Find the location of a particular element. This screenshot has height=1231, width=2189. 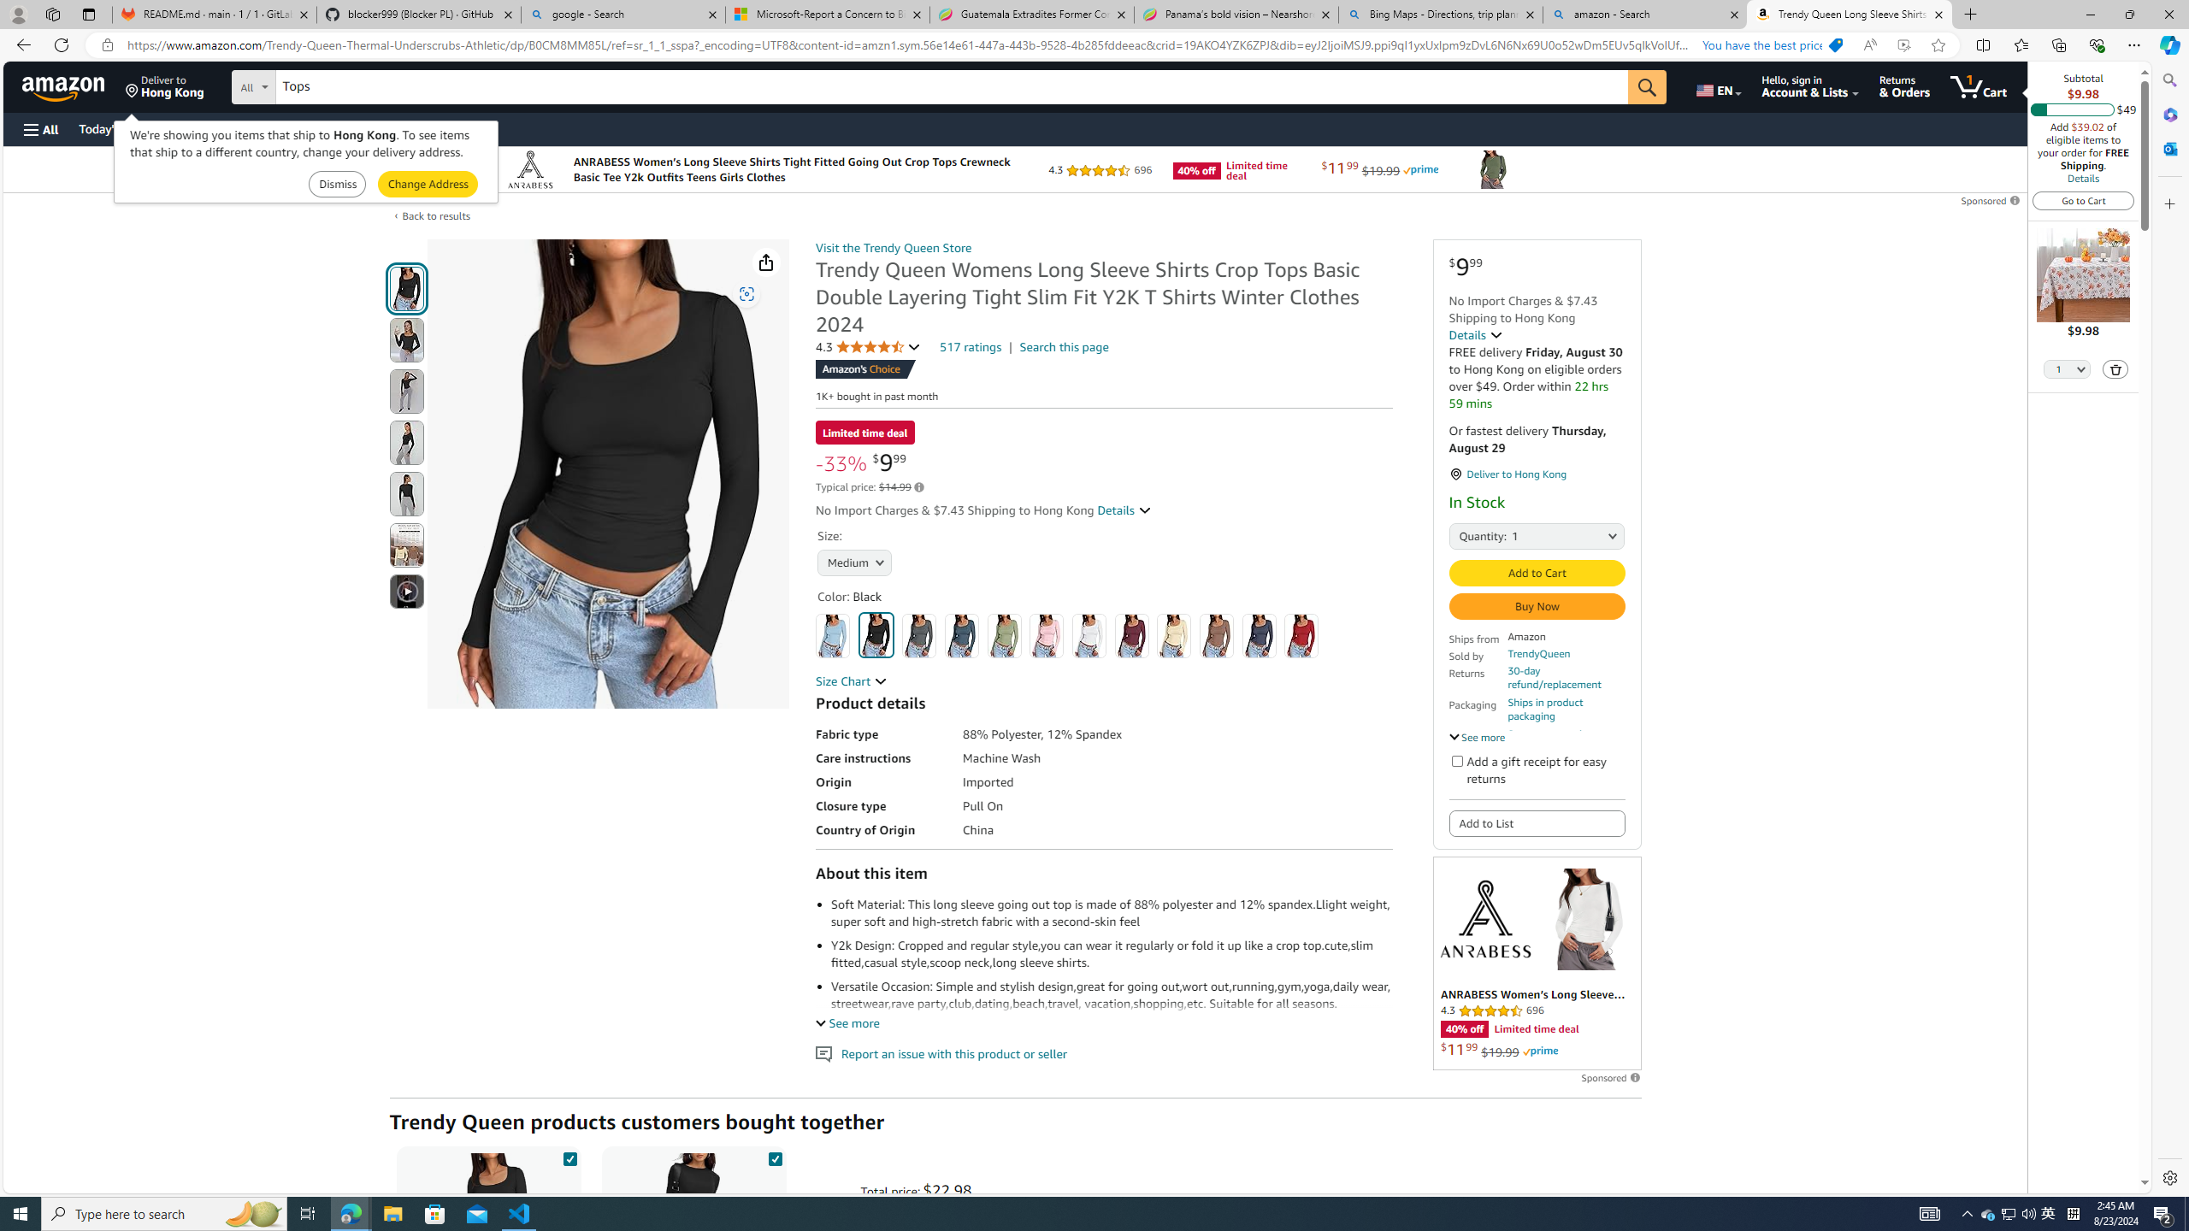

'Back to results' is located at coordinates (435, 215).